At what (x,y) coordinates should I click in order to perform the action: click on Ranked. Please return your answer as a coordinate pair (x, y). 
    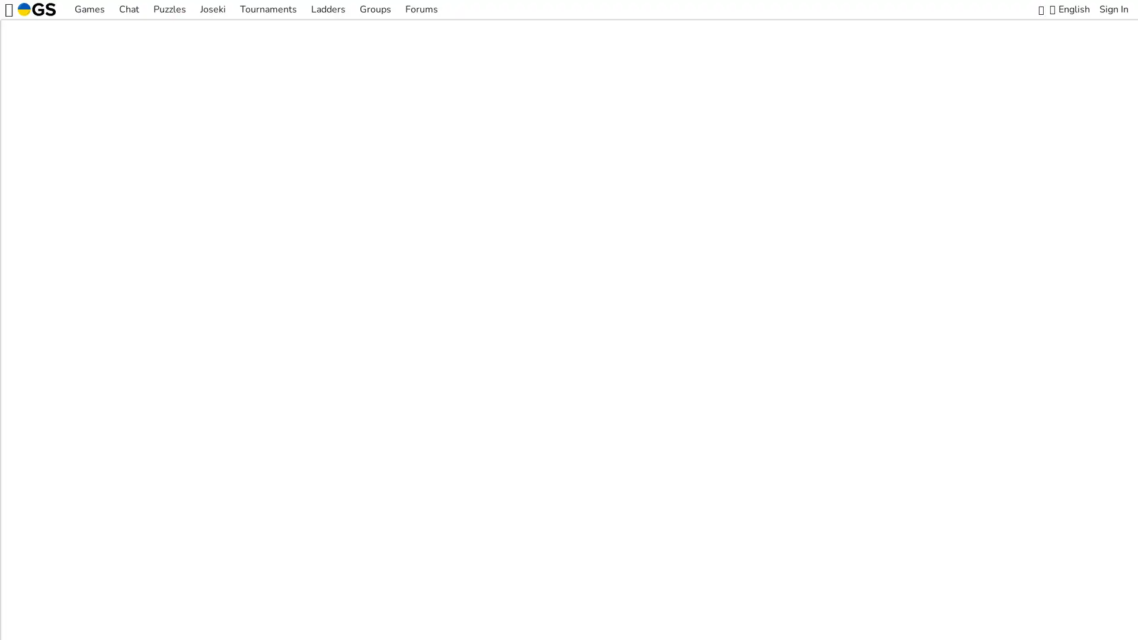
    Looking at the image, I should click on (606, 468).